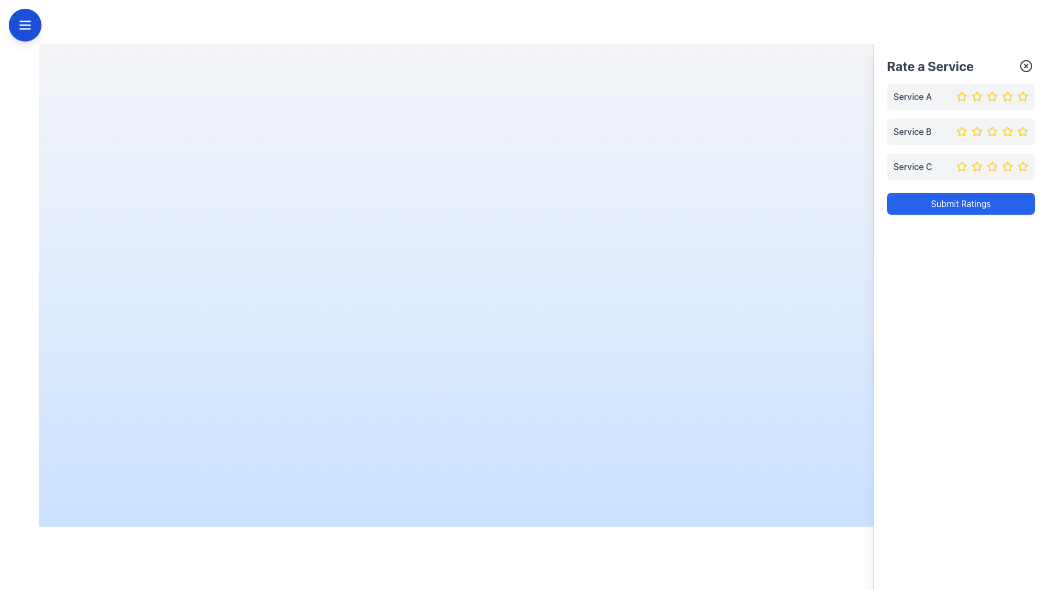  Describe the element at coordinates (992, 166) in the screenshot. I see `the fourth star icon to rate 'Service C' in the 'Rate a Service' section` at that location.